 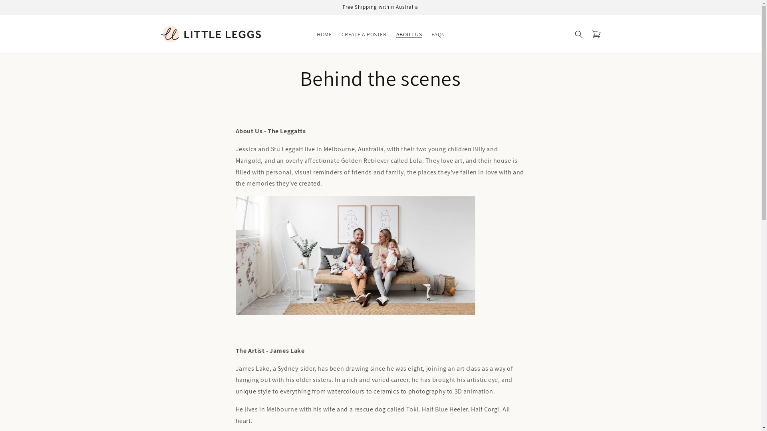 I want to click on 'ABOUT US', so click(x=391, y=34).